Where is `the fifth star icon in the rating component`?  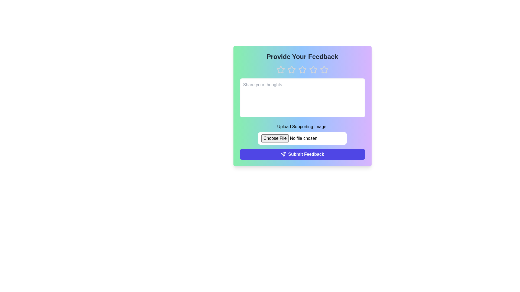
the fifth star icon in the rating component is located at coordinates (324, 69).